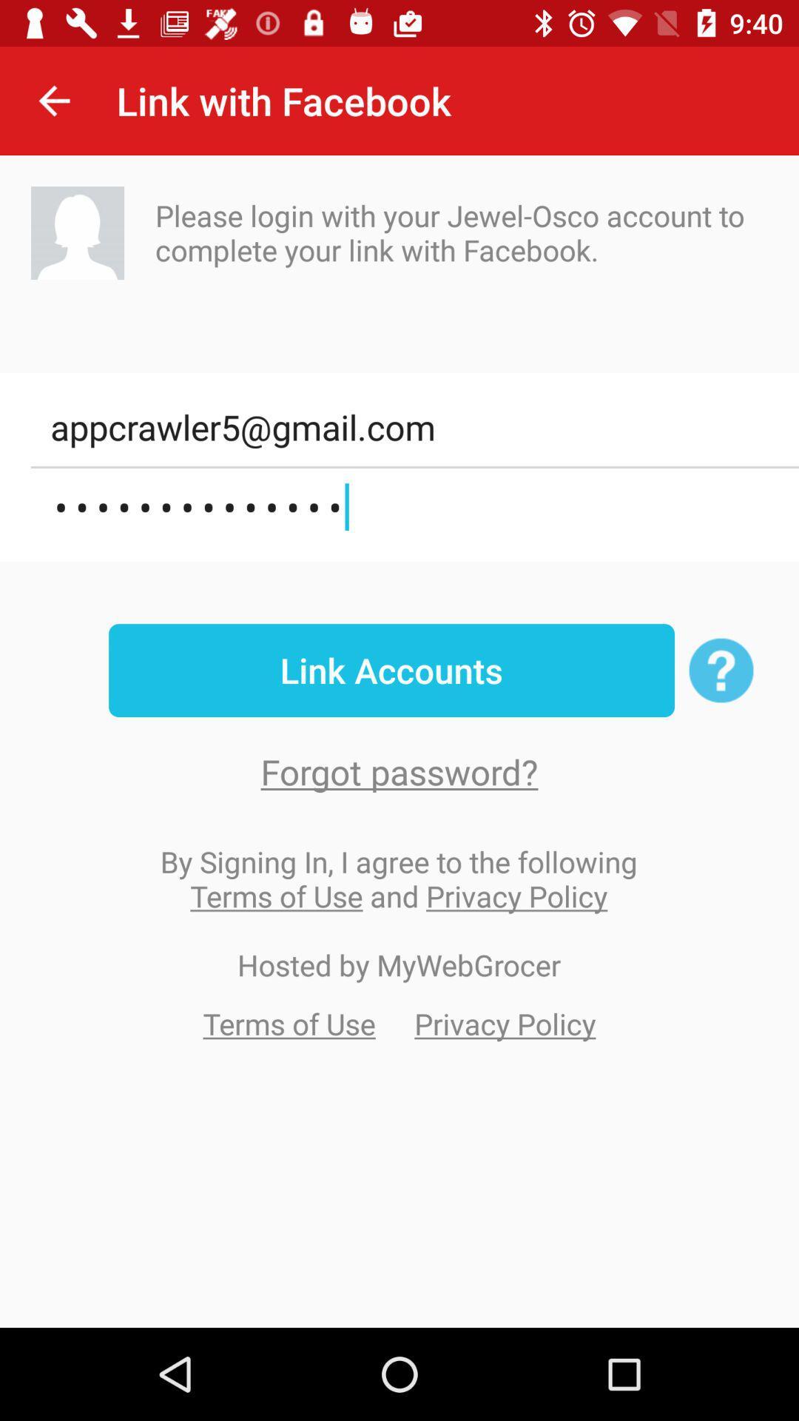 The height and width of the screenshot is (1421, 799). I want to click on the forgot password? item, so click(399, 770).